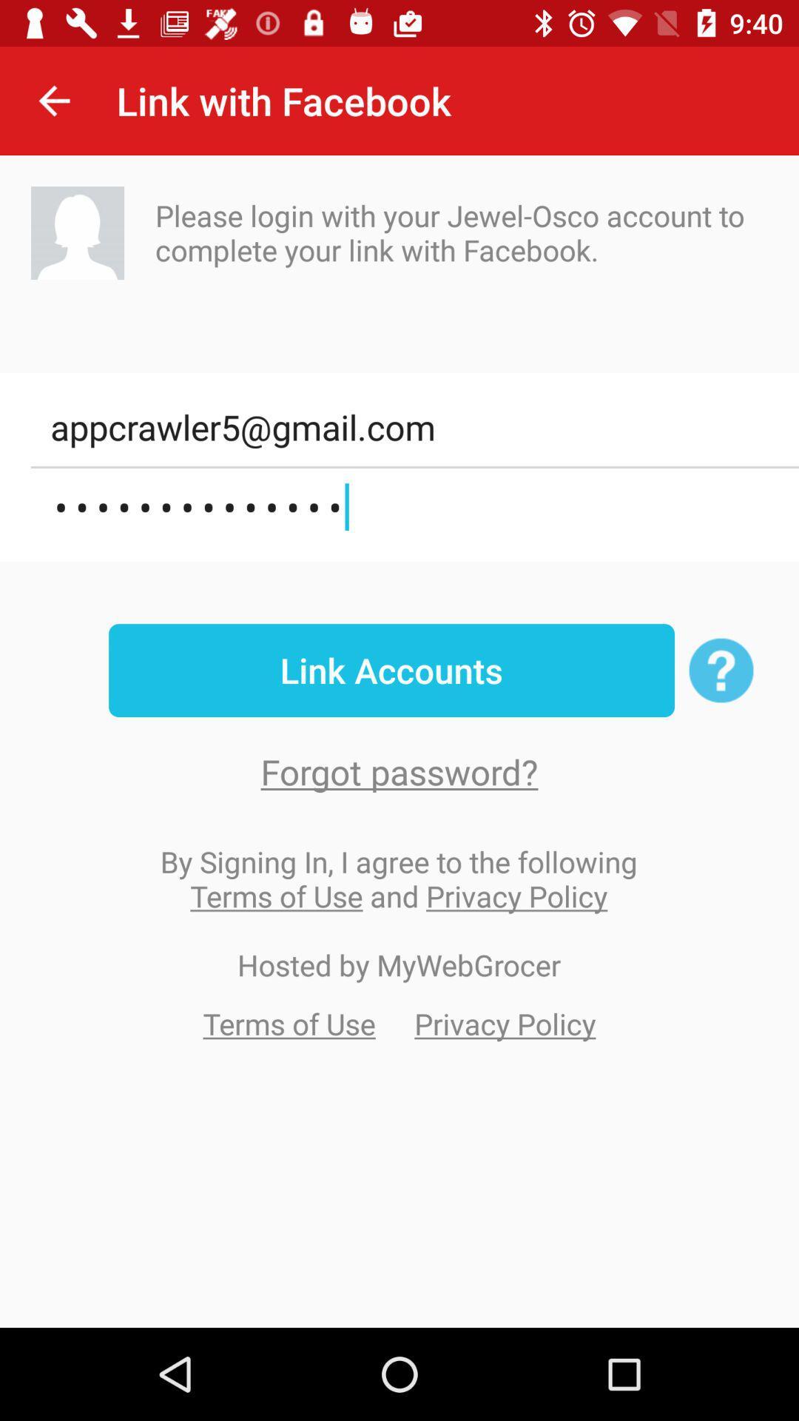 The height and width of the screenshot is (1421, 799). I want to click on the forgot password? item, so click(399, 770).